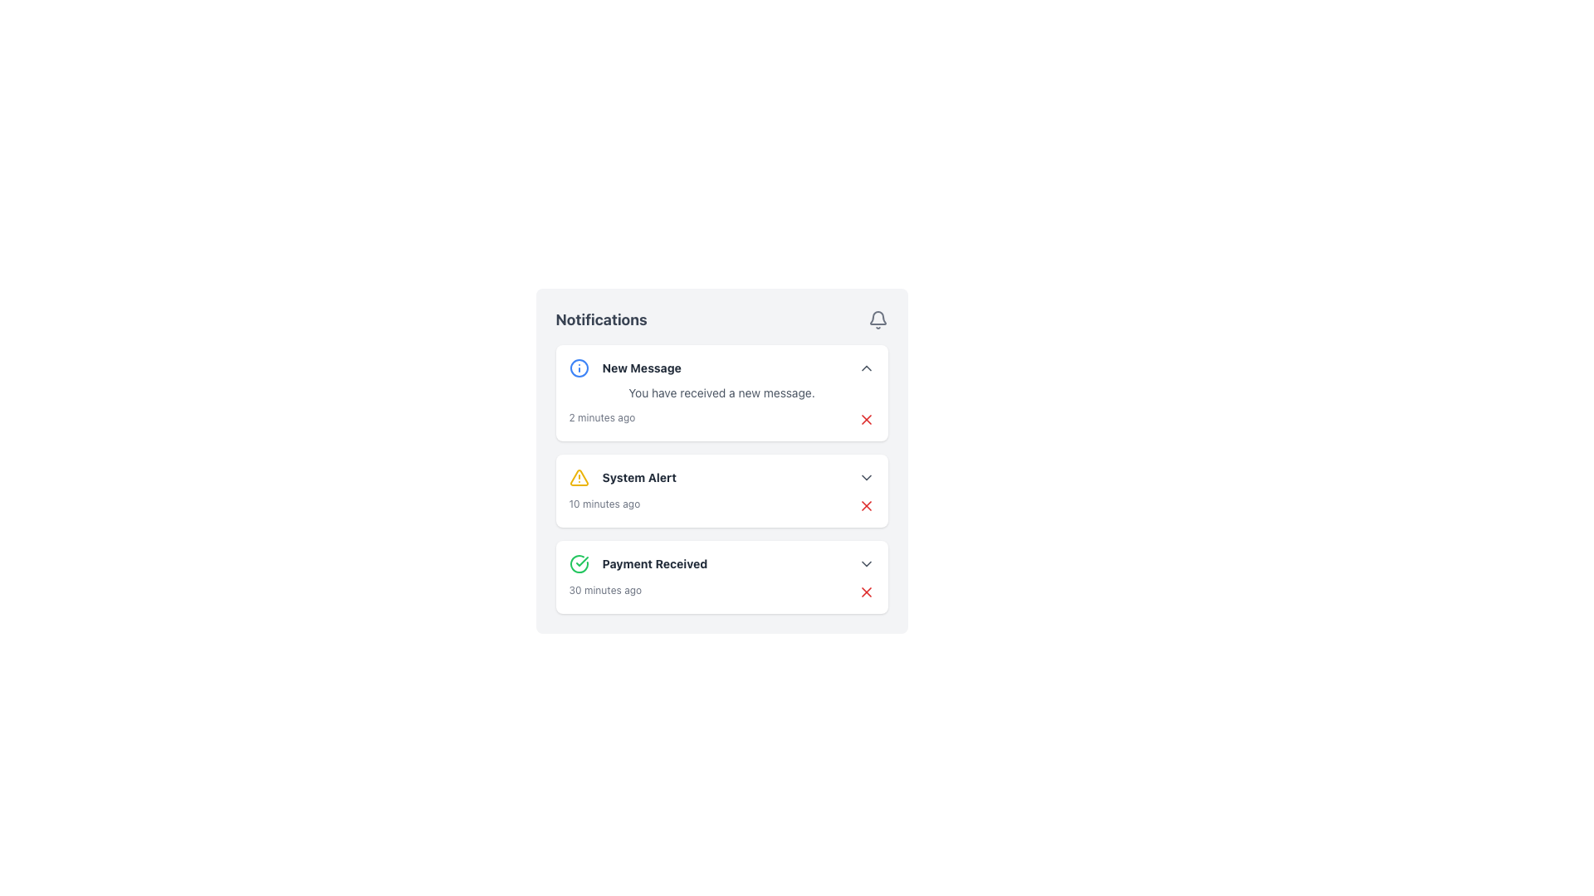 The image size is (1594, 896). Describe the element at coordinates (579, 562) in the screenshot. I see `the circular green checkmark icon located to the left of the 'Payment Received' text in the notification section` at that location.